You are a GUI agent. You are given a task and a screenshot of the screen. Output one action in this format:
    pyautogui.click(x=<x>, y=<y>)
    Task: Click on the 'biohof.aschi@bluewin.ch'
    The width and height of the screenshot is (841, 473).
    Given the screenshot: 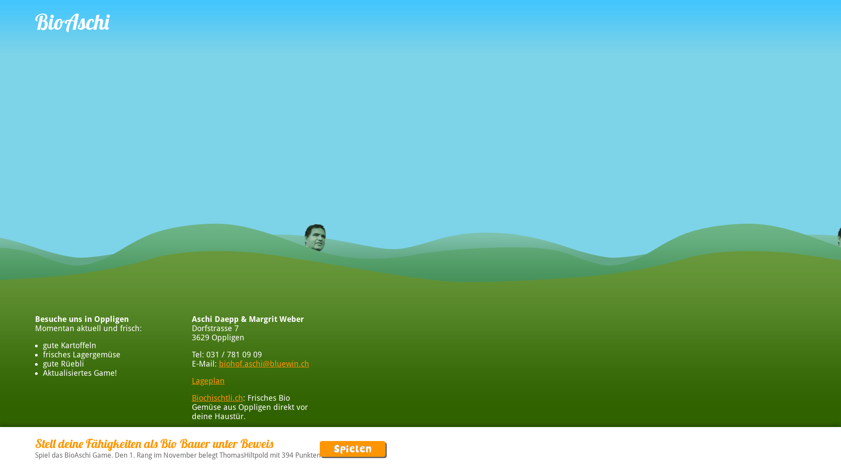 What is the action you would take?
    pyautogui.click(x=219, y=364)
    